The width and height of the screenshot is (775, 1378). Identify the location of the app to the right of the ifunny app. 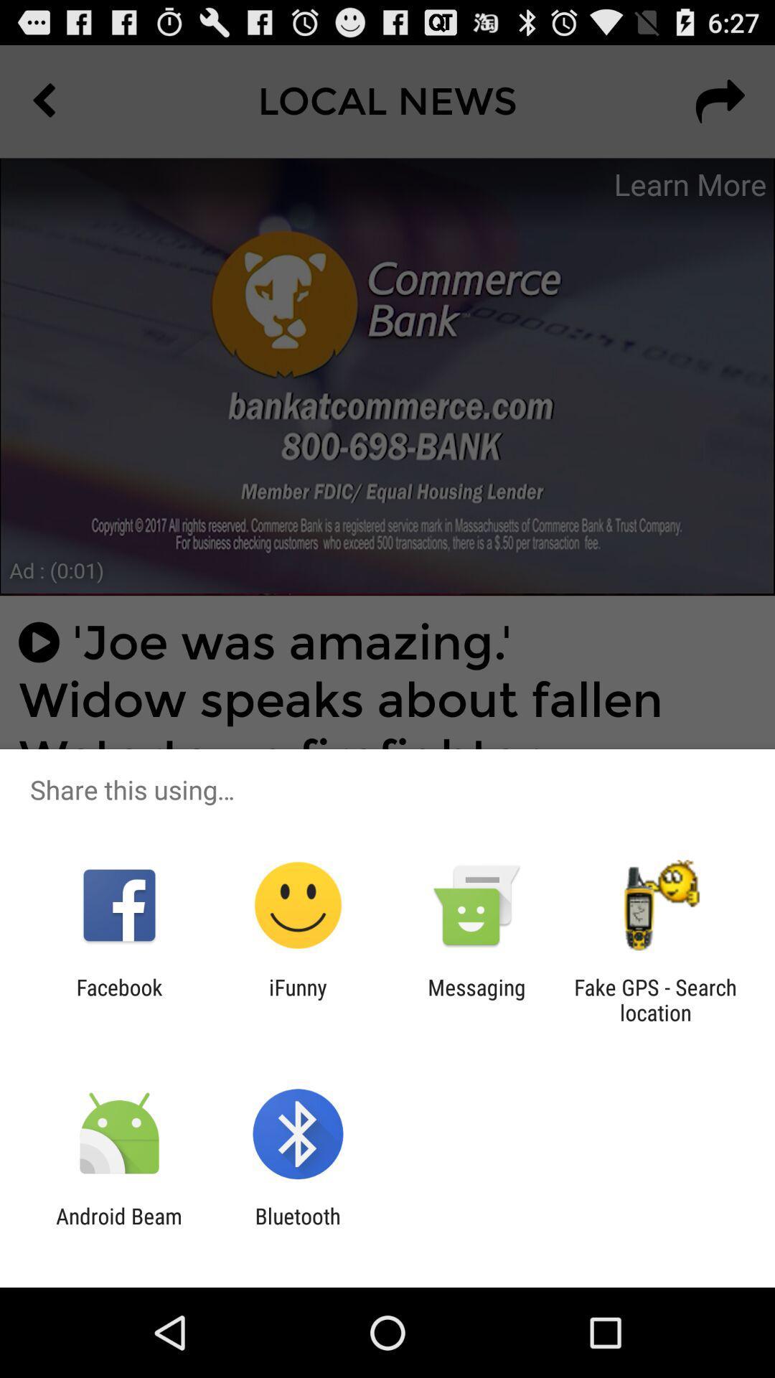
(476, 999).